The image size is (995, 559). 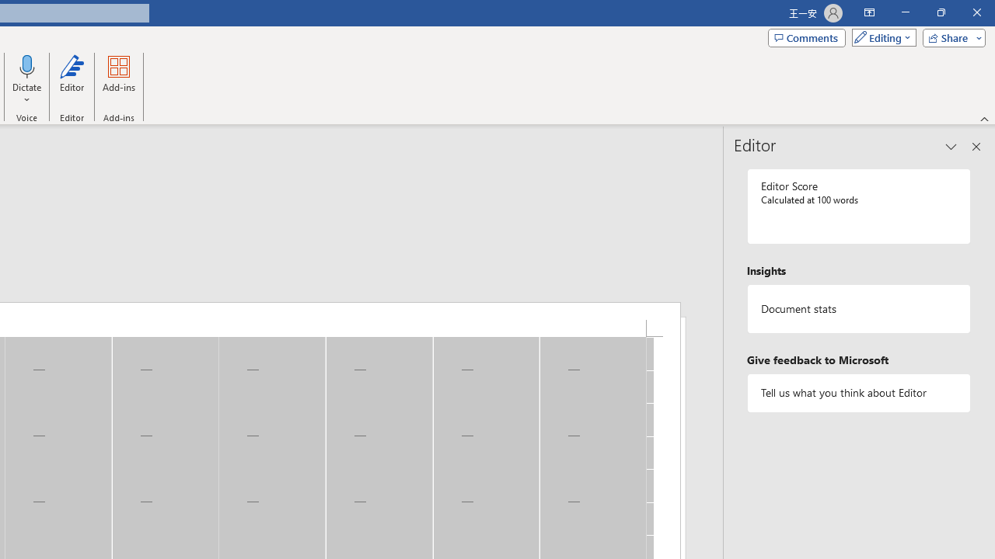 What do you see at coordinates (984, 118) in the screenshot?
I see `'Collapse the Ribbon'` at bounding box center [984, 118].